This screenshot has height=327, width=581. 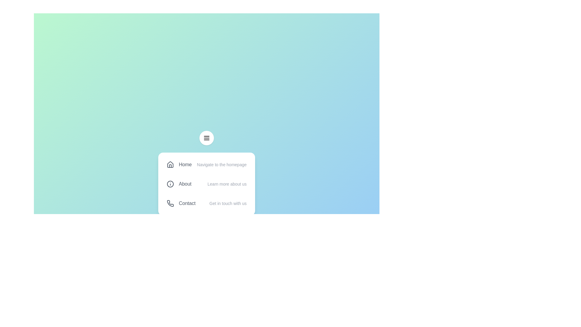 What do you see at coordinates (206, 164) in the screenshot?
I see `the menu item Home` at bounding box center [206, 164].